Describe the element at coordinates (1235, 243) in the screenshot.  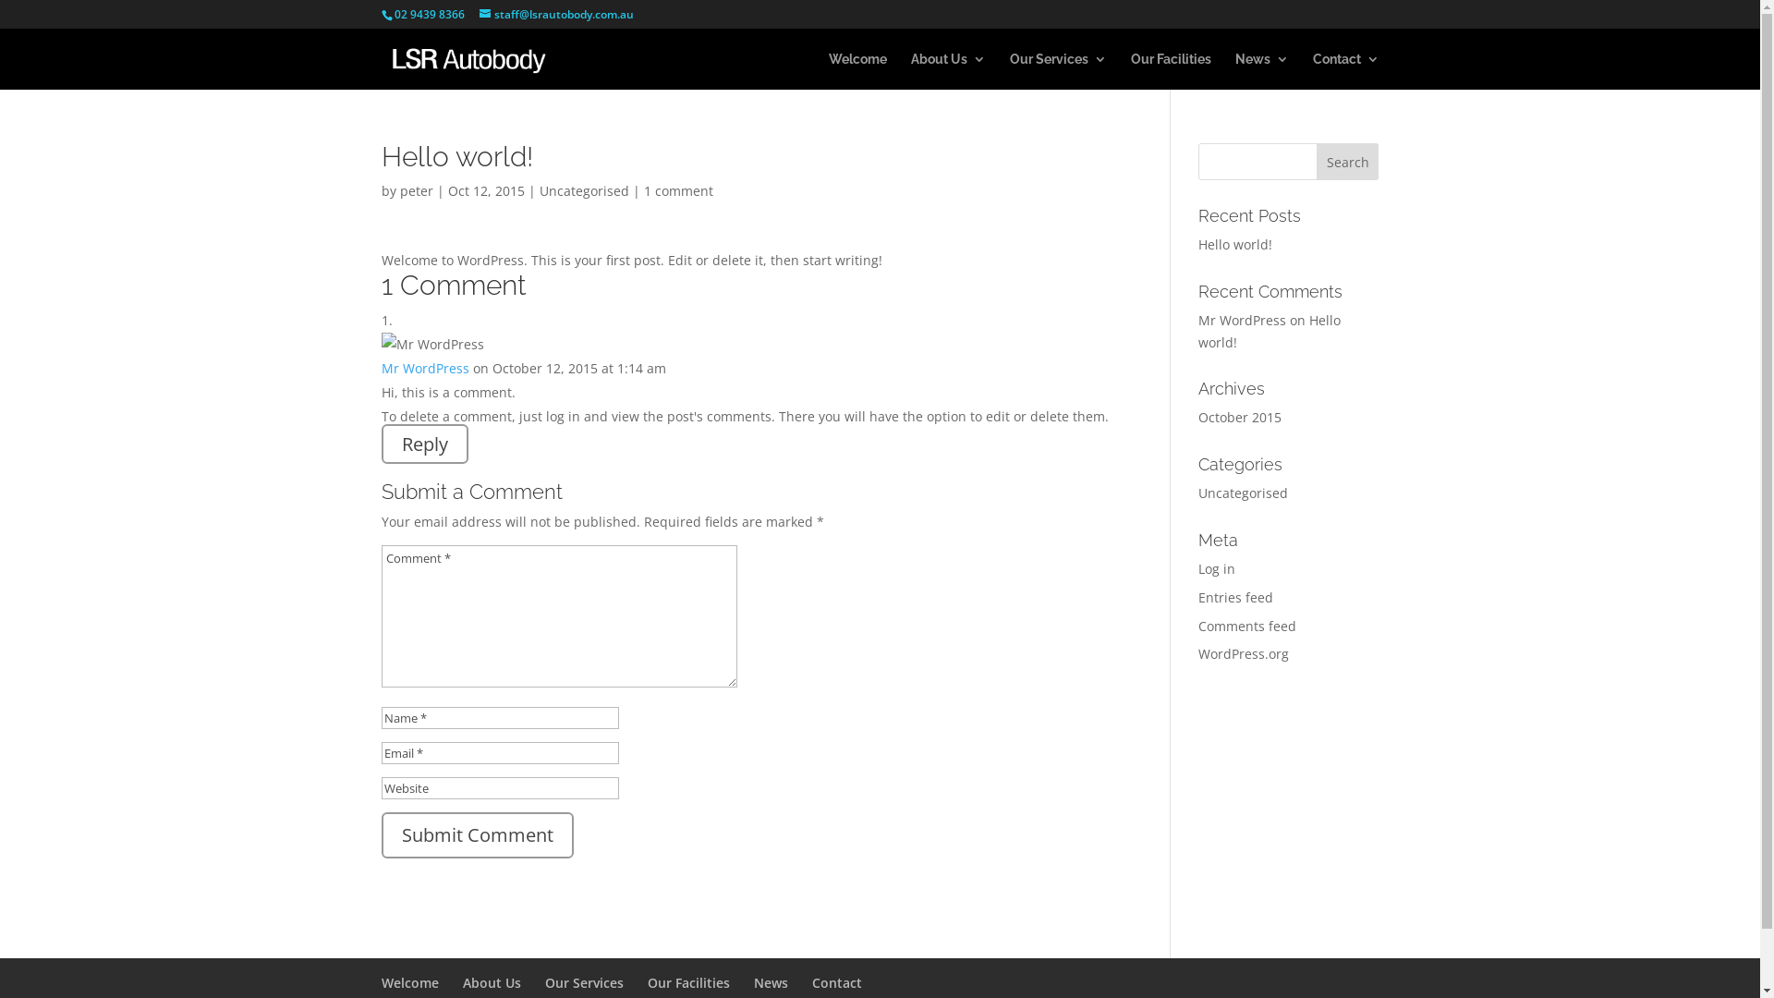
I see `'Hello world!'` at that location.